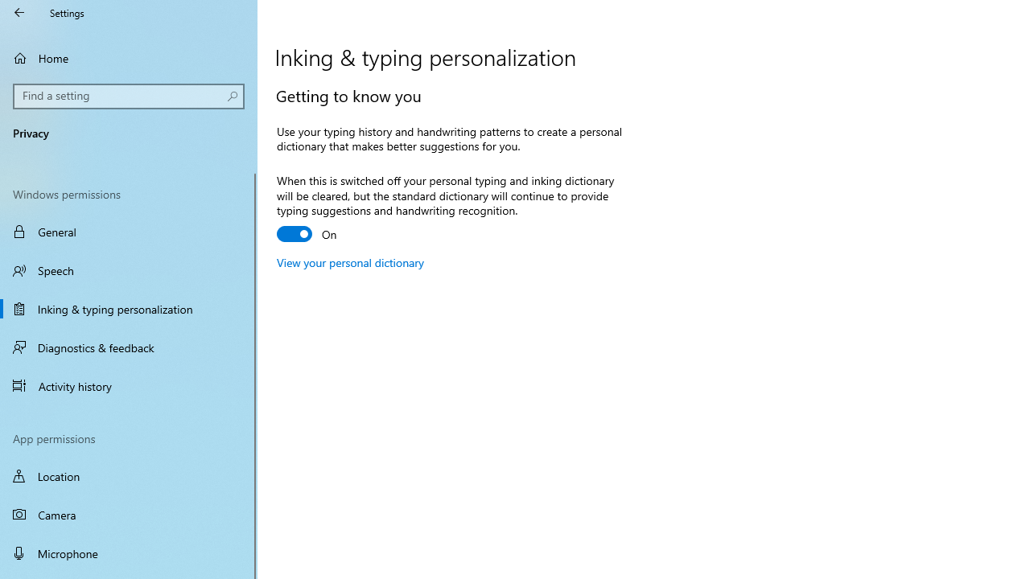 This screenshot has width=1030, height=579. Describe the element at coordinates (129, 515) in the screenshot. I see `'Camera'` at that location.